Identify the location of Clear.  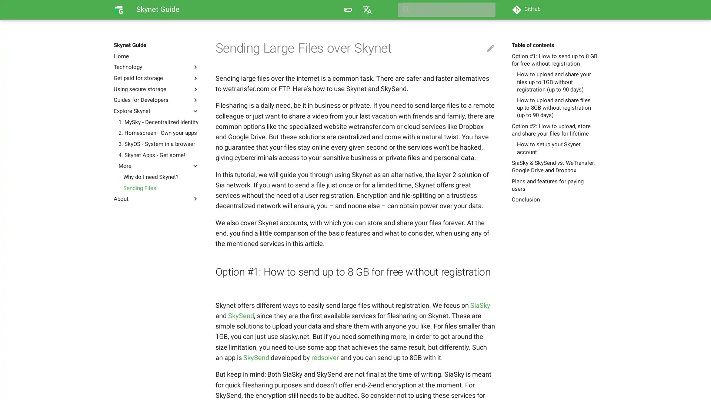
(487, 10).